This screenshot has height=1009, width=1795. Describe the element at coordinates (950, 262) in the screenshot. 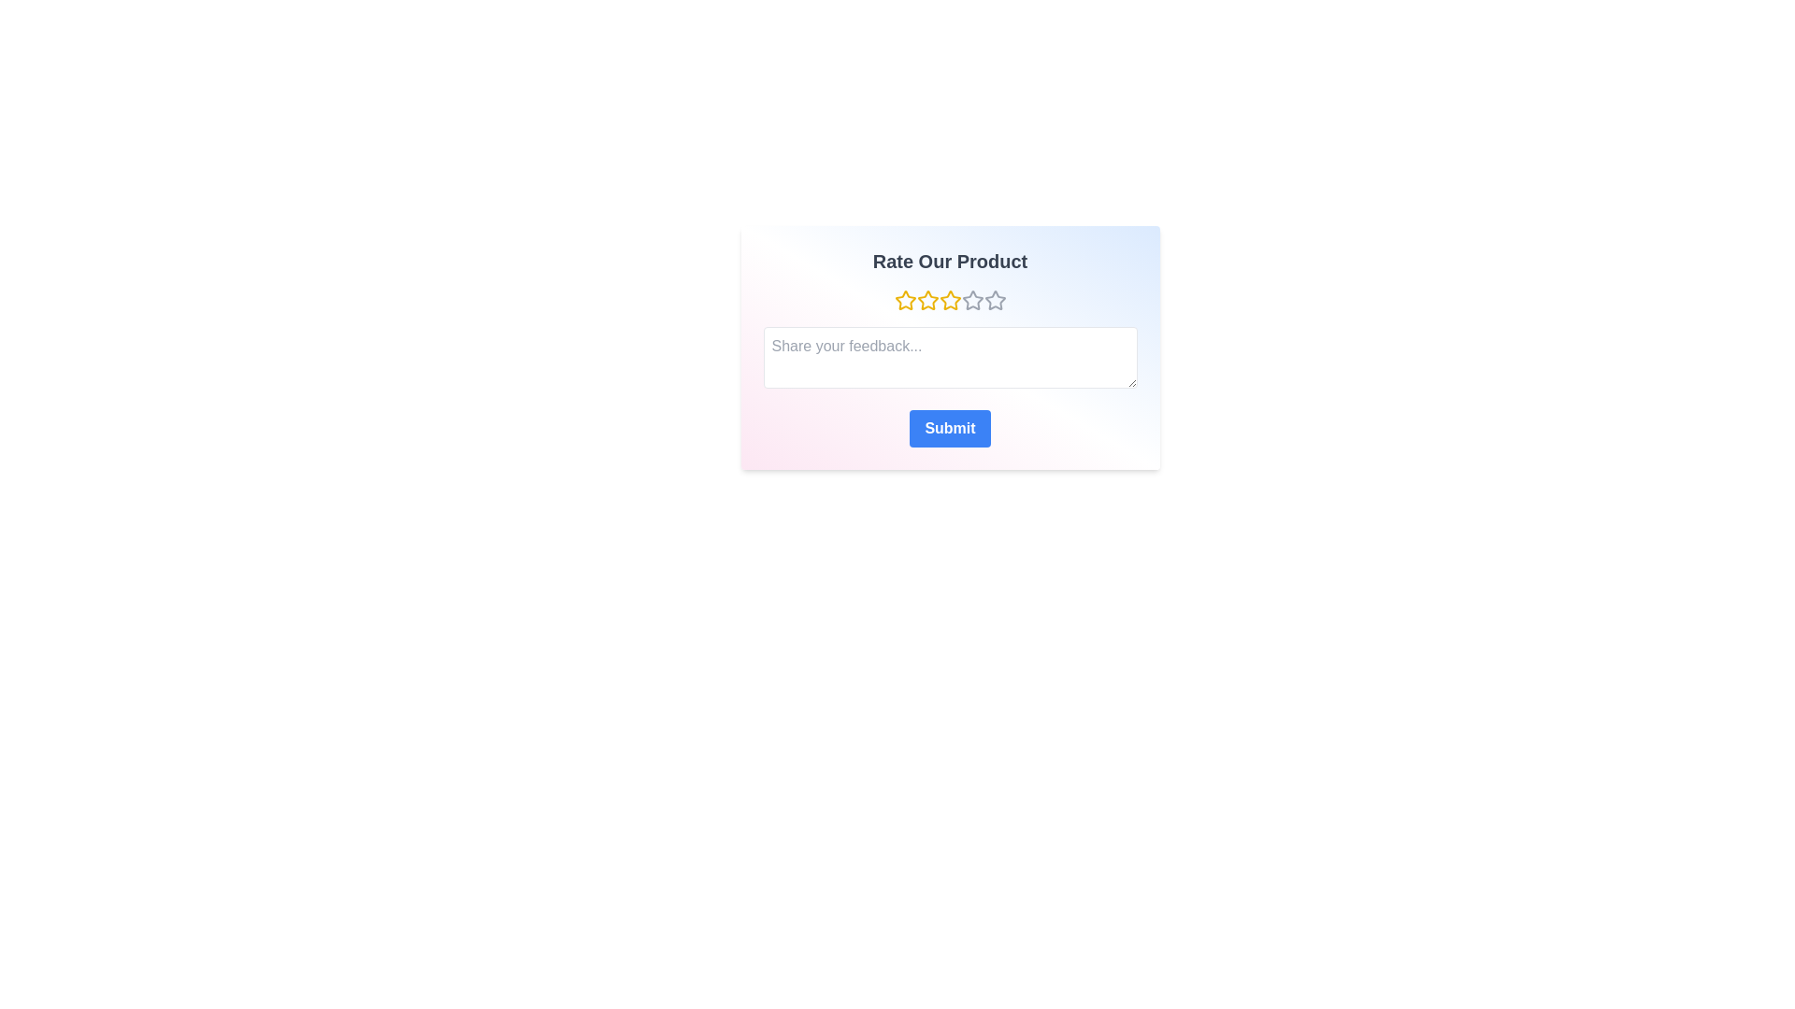

I see `the title text 'Rate Our Product' to select it` at that location.